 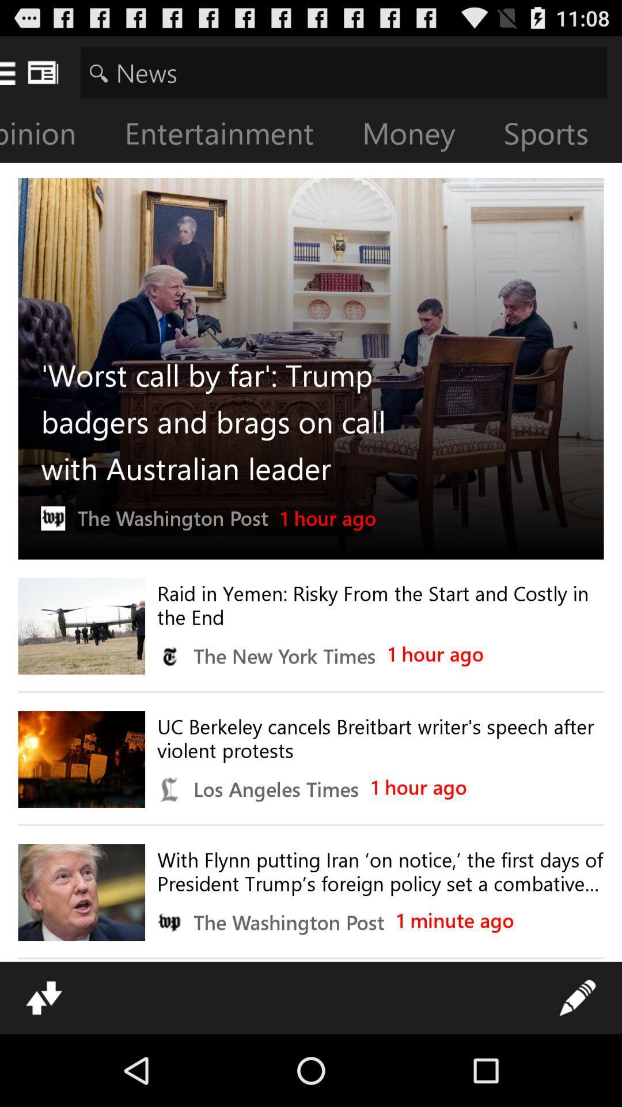 I want to click on the icon to the right of entertainment icon, so click(x=418, y=135).